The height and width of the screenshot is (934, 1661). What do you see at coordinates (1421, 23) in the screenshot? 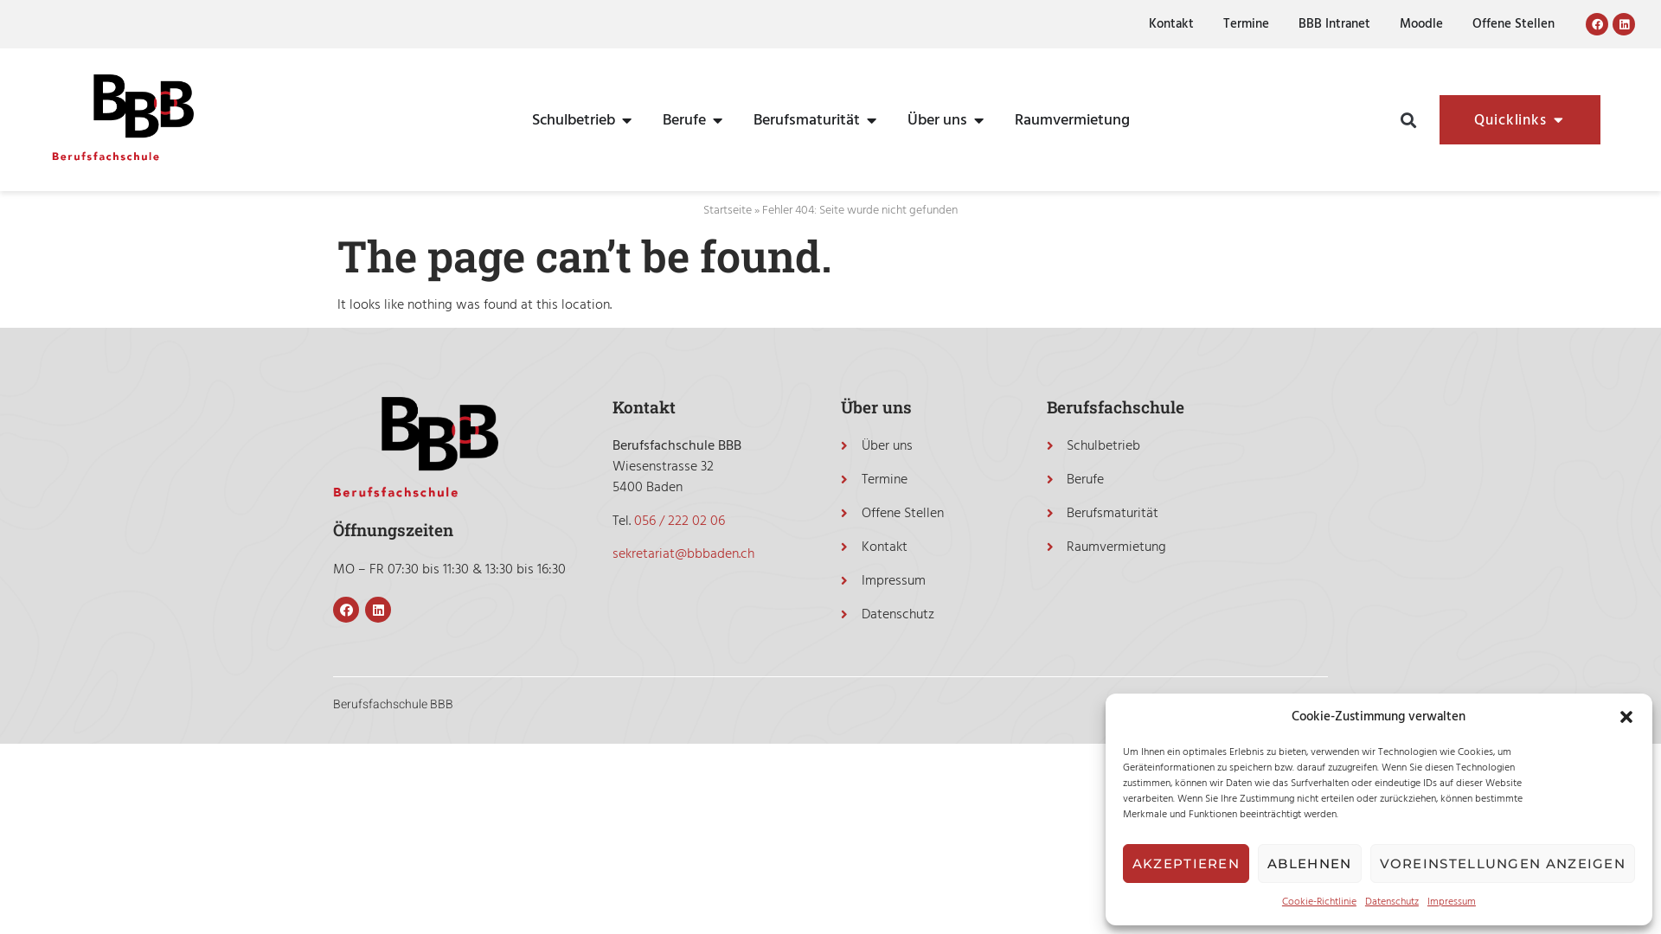
I see `'Moodle'` at bounding box center [1421, 23].